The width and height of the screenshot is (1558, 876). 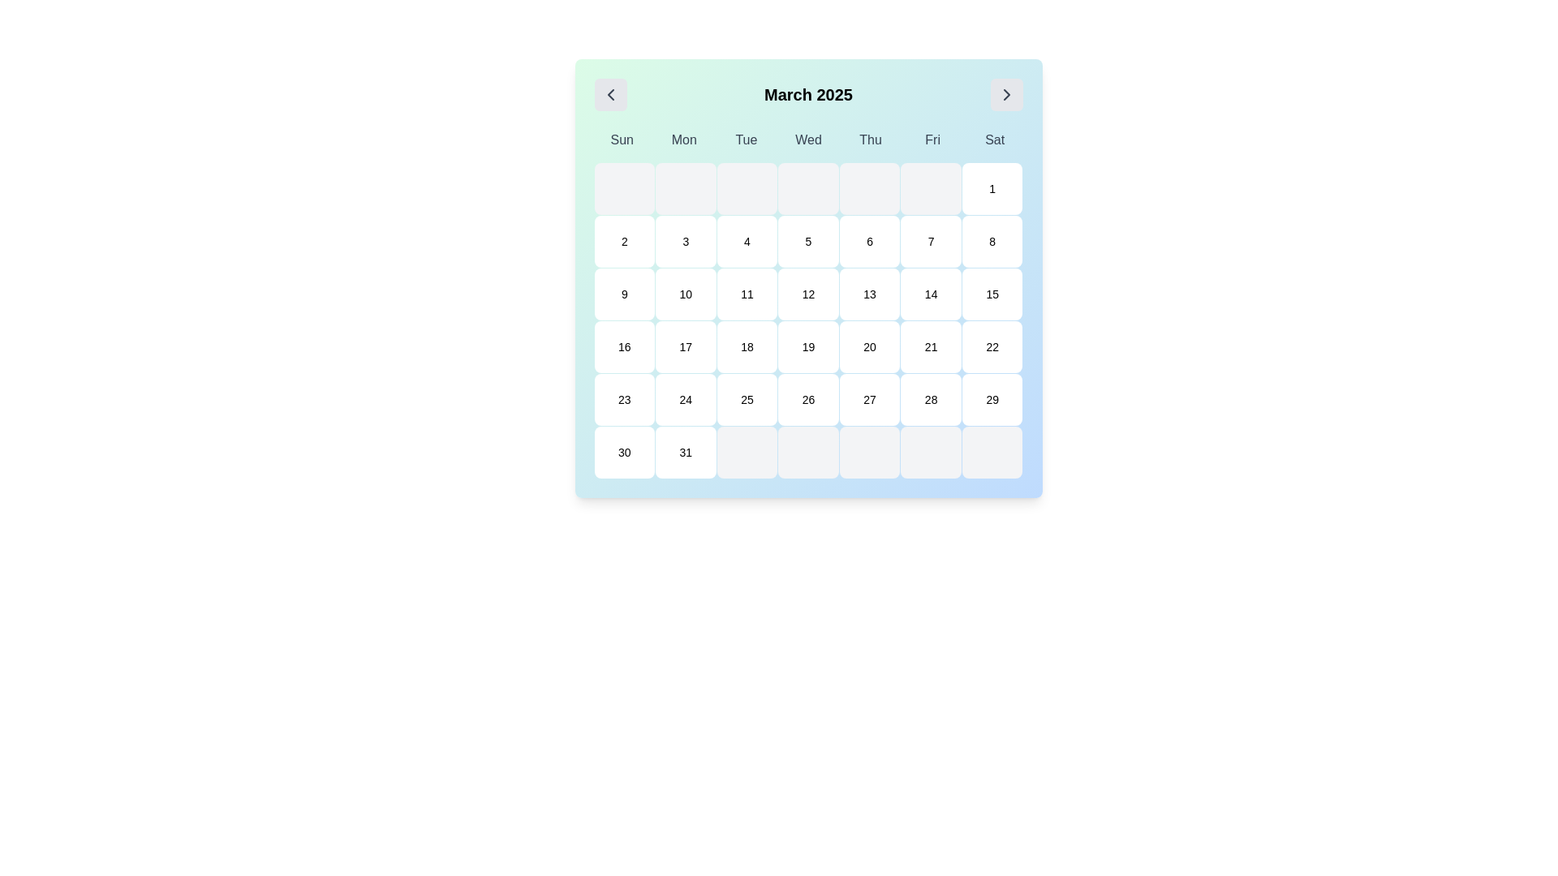 What do you see at coordinates (808, 294) in the screenshot?
I see `the Calendar Day Cell representing the 12th day of the month` at bounding box center [808, 294].